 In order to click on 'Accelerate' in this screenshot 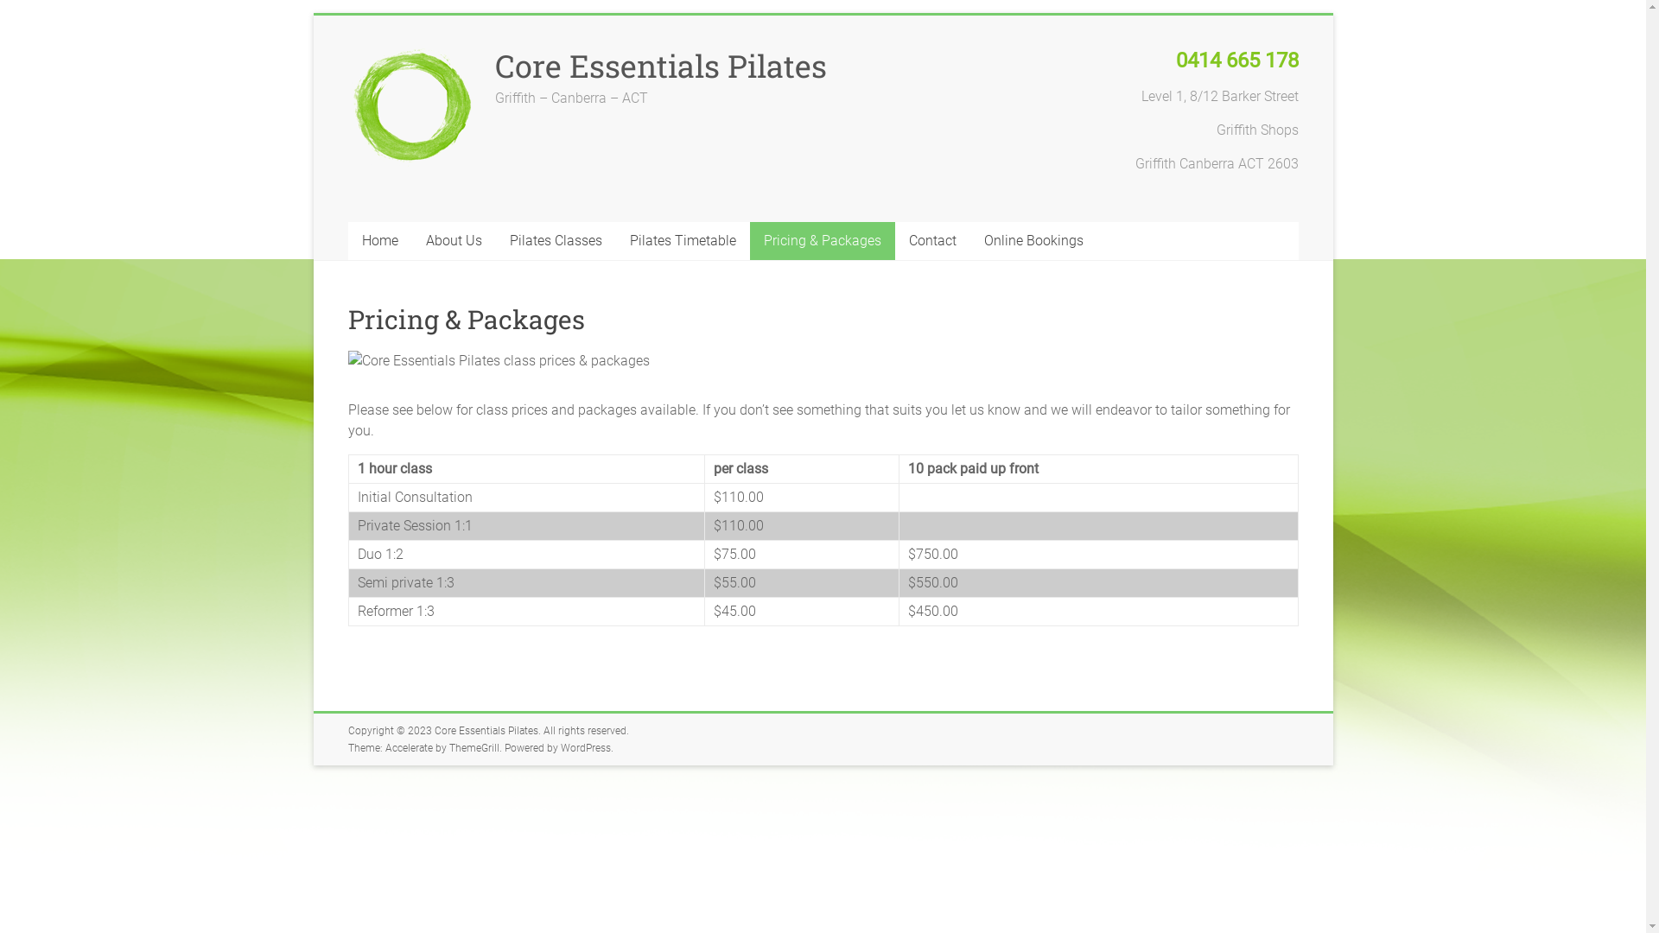, I will do `click(408, 747)`.